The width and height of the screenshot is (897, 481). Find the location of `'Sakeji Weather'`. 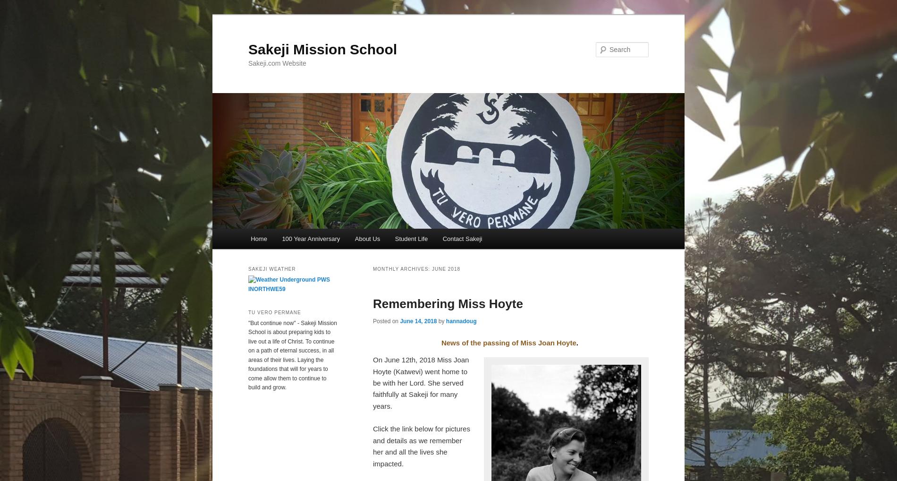

'Sakeji Weather' is located at coordinates (272, 269).